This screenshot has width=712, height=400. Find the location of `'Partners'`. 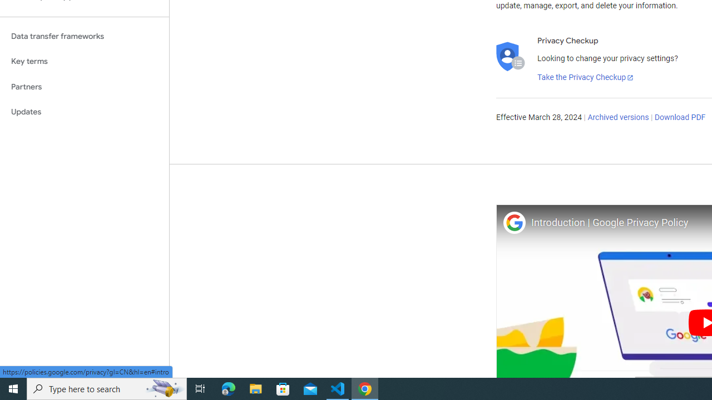

'Partners' is located at coordinates (84, 86).